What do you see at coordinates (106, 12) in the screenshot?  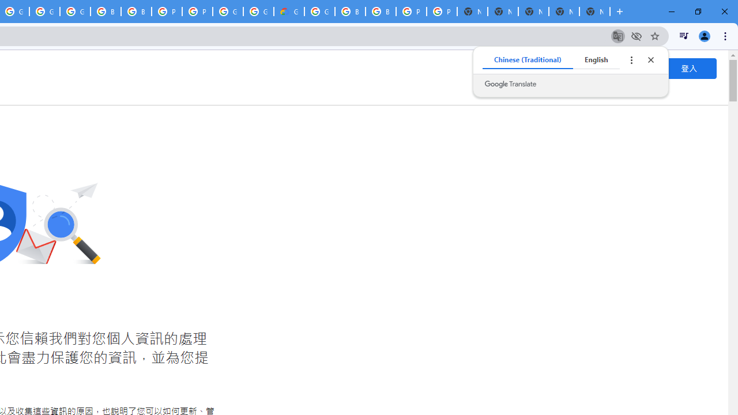 I see `'Browse Chrome as a guest - Computer - Google Chrome Help'` at bounding box center [106, 12].